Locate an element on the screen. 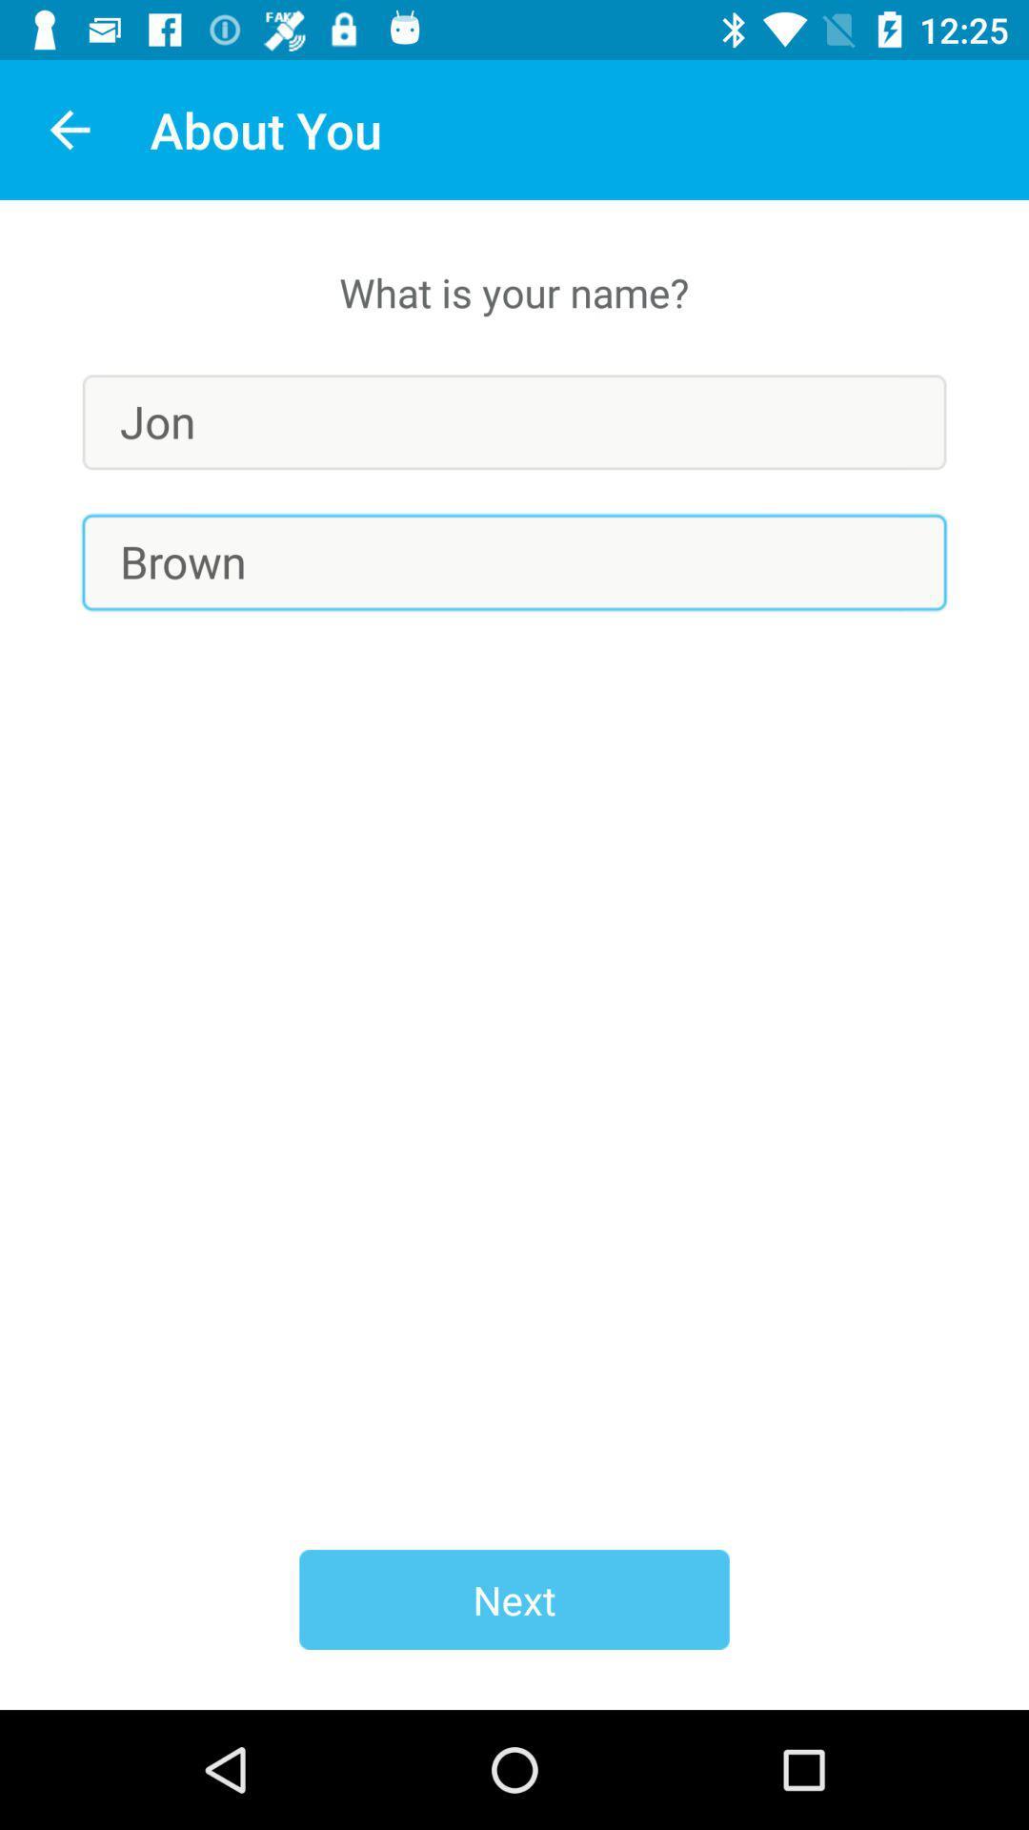 Image resolution: width=1029 pixels, height=1830 pixels. the jon is located at coordinates (514, 421).